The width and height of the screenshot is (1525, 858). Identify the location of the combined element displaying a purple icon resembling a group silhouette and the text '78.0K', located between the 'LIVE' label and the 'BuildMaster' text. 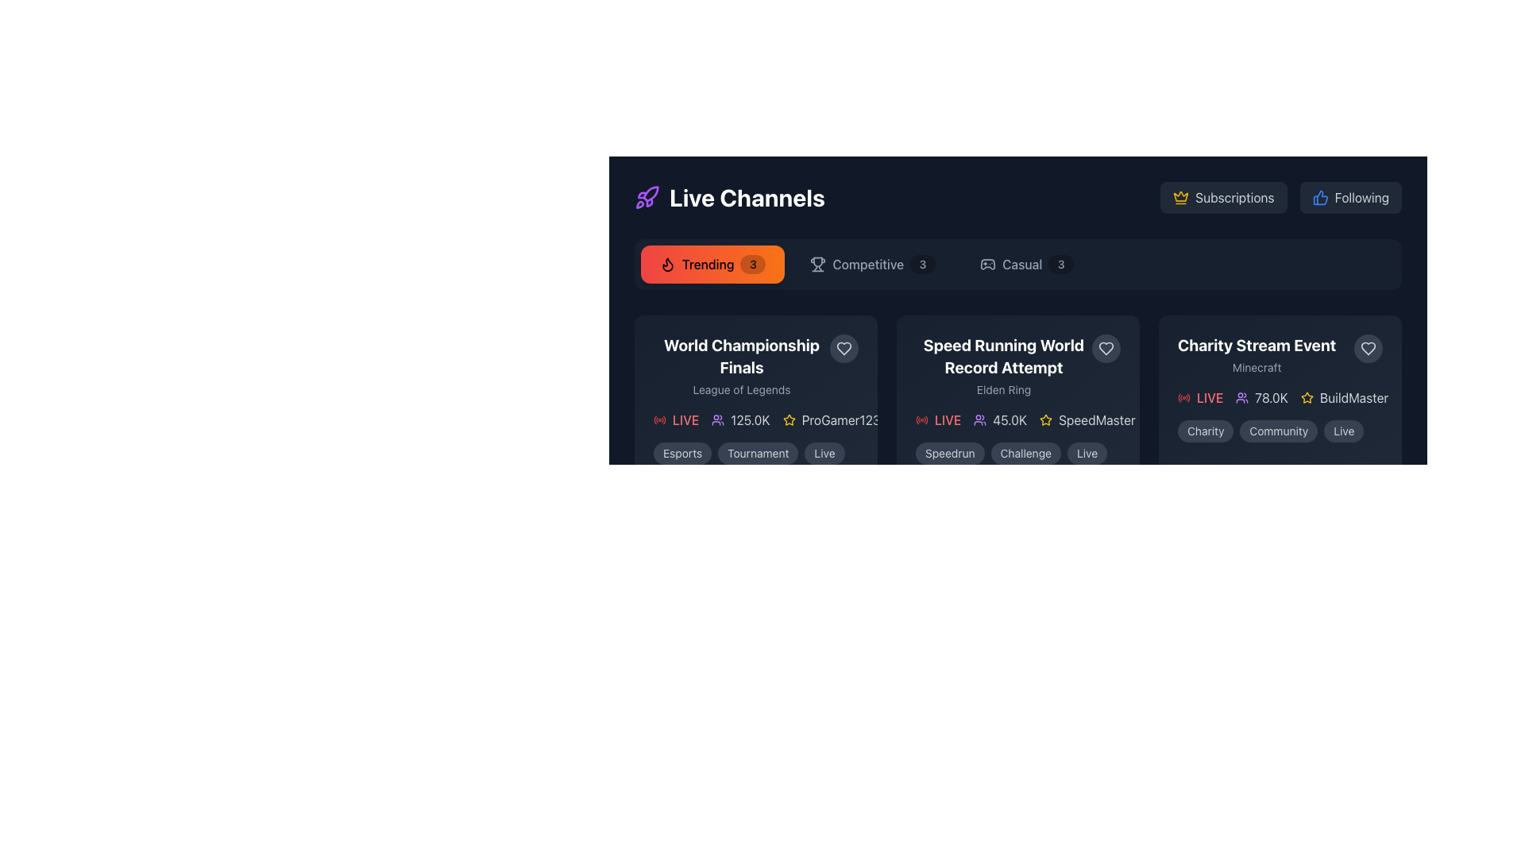
(1261, 397).